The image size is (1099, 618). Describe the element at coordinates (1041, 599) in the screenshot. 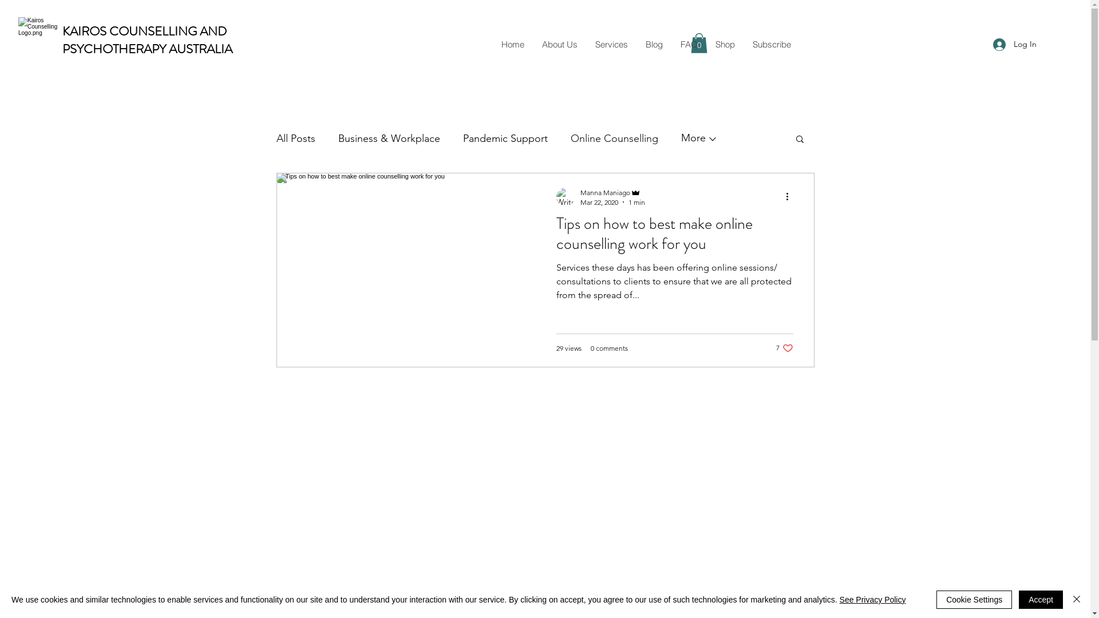

I see `'Accept'` at that location.